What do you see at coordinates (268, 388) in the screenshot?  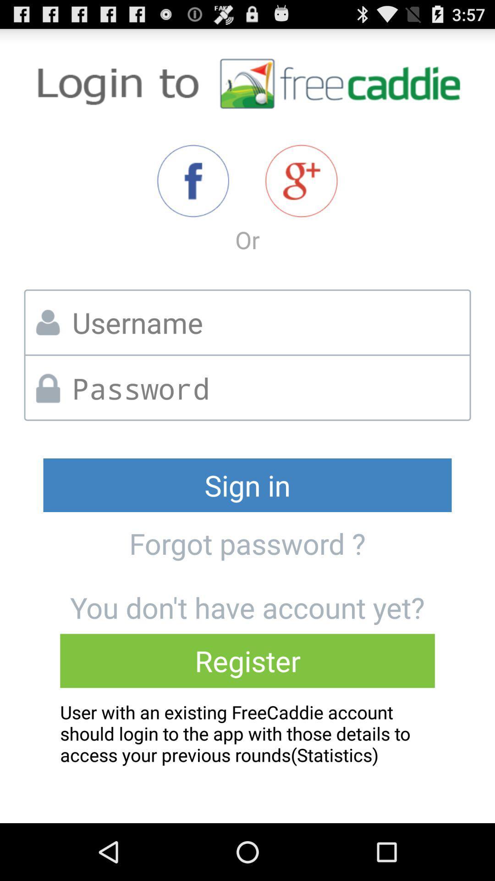 I see `text` at bounding box center [268, 388].